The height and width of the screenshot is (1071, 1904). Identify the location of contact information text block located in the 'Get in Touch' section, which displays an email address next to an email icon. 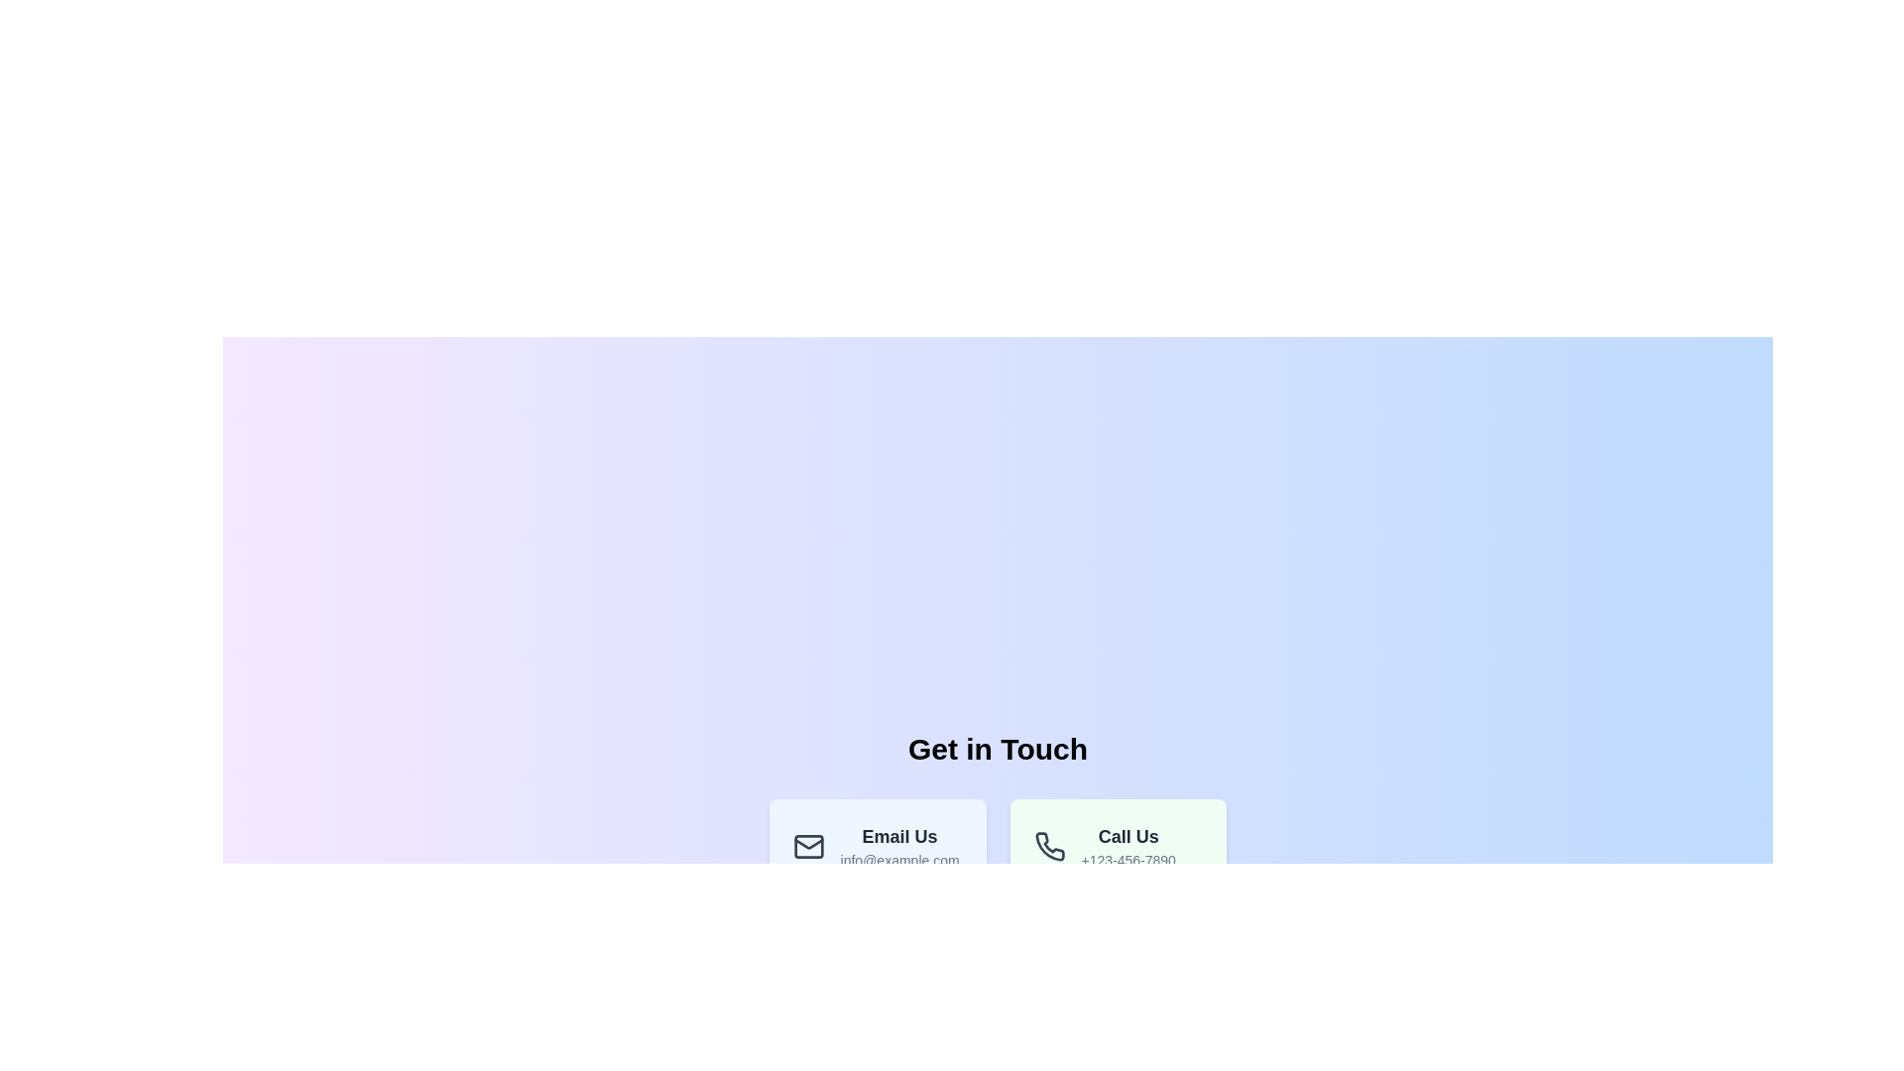
(898, 846).